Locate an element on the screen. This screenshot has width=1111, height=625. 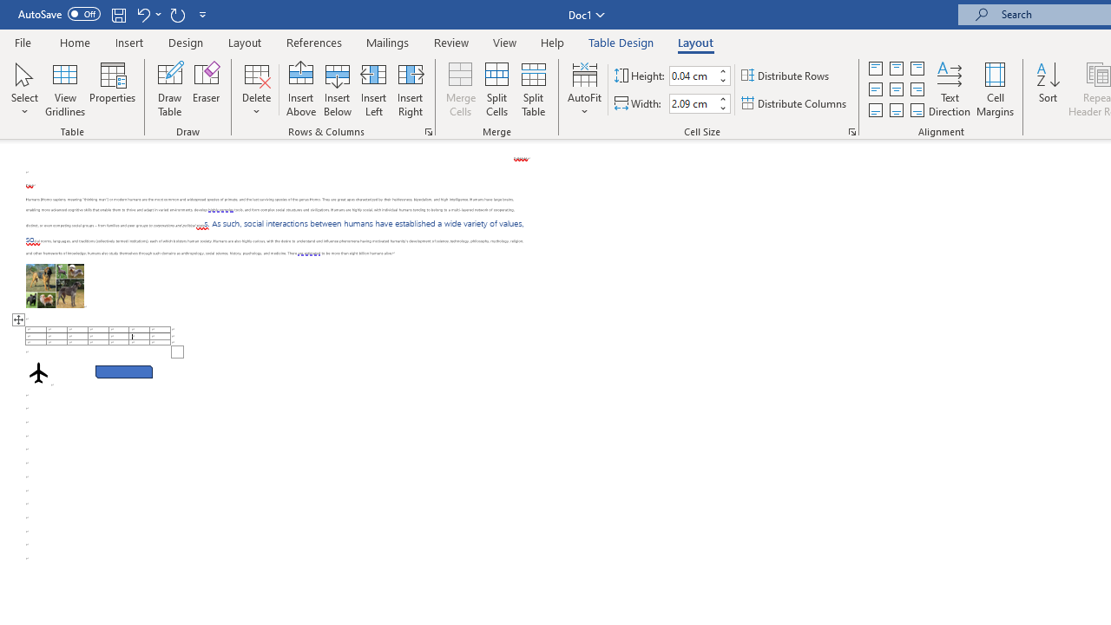
'Text Direction' is located at coordinates (949, 89).